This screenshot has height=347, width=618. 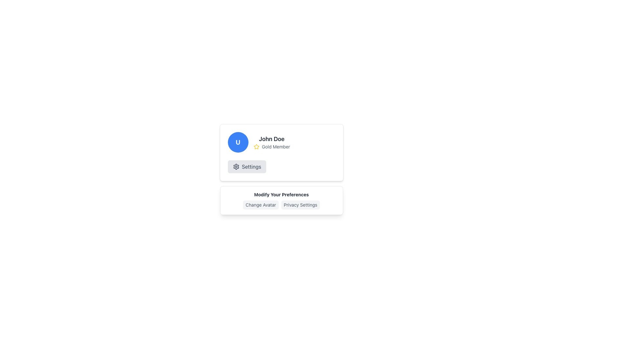 I want to click on the 'Change Avatar' button, which is styled with rounded edges and grayish tones, so click(x=261, y=205).